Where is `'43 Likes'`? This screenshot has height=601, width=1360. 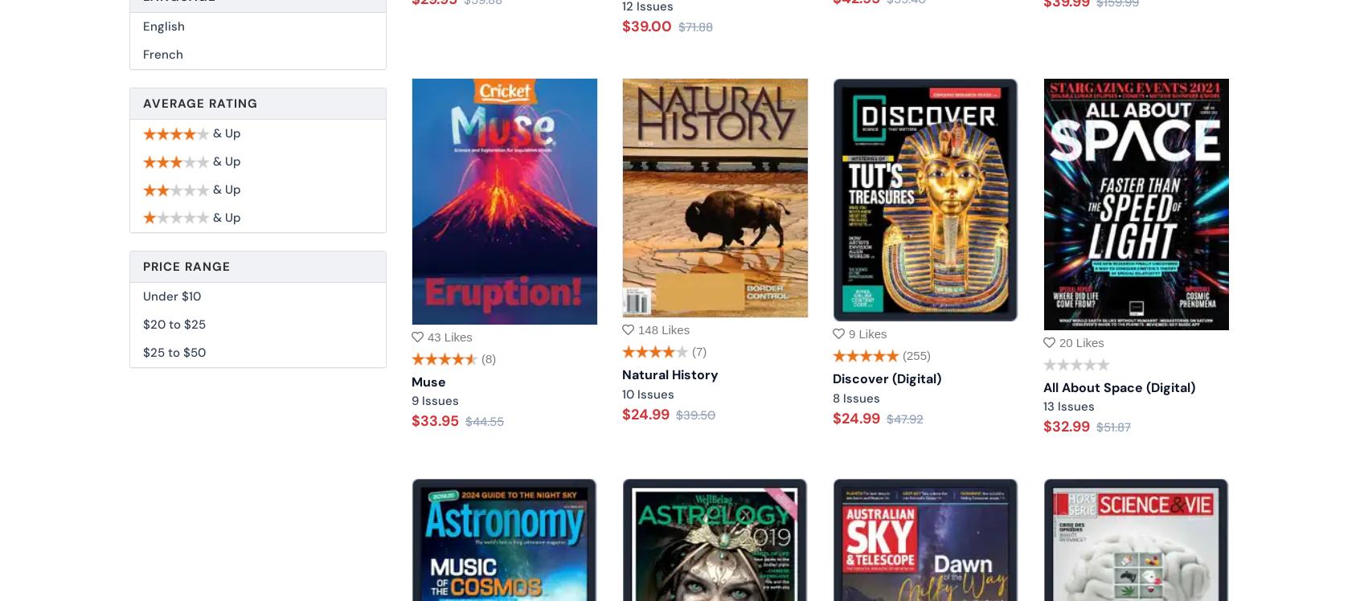
'43 Likes' is located at coordinates (427, 336).